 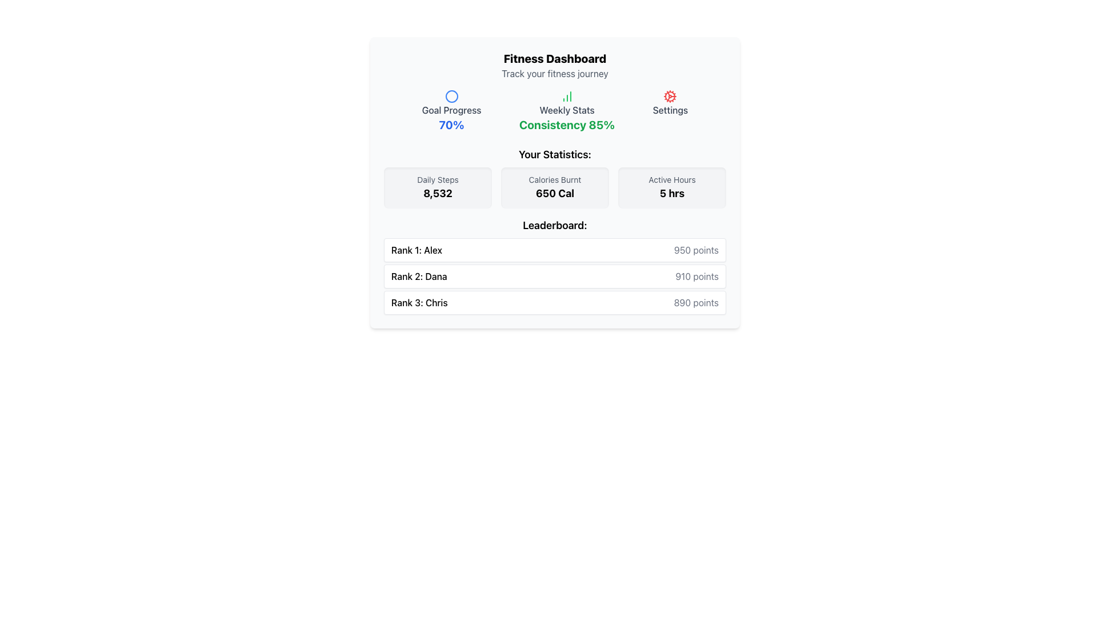 I want to click on the Leaderboard entry element displaying 'Rank 1: Alex' and '950 points', which is the first item in the leaderboard list, so click(x=555, y=250).